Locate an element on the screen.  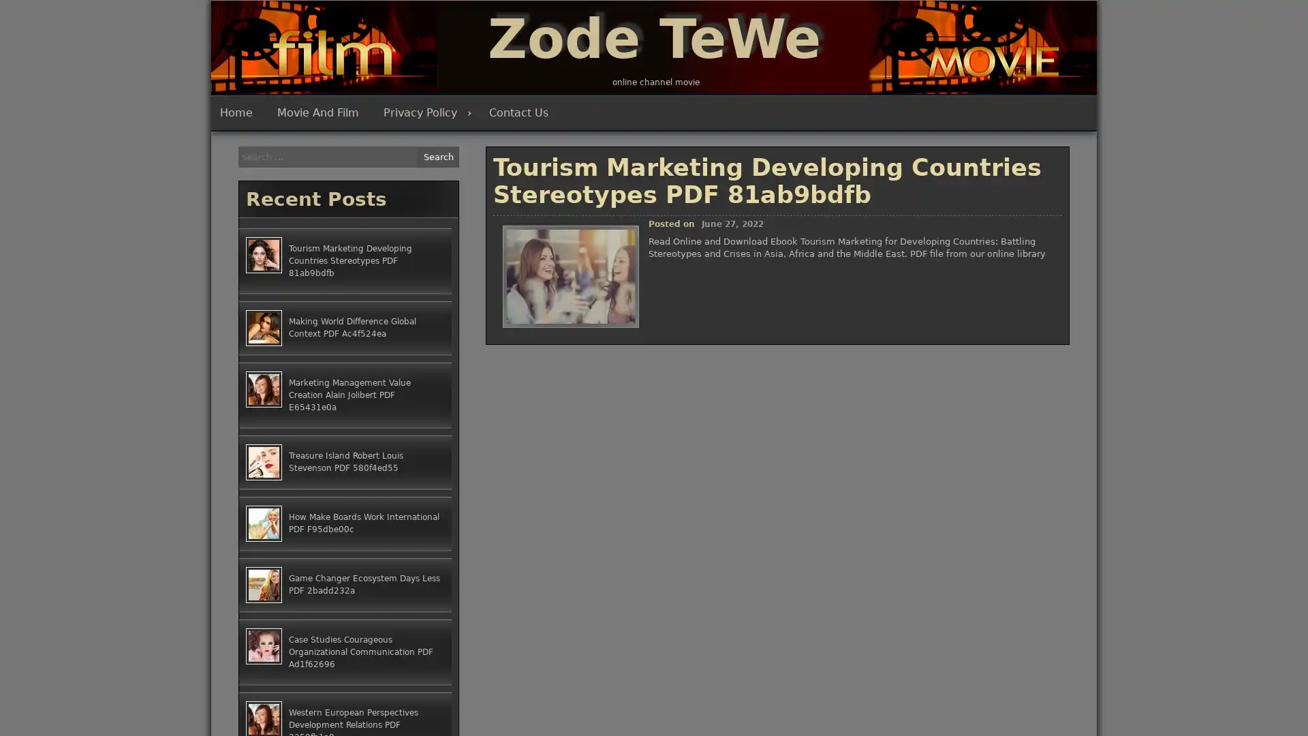
Search is located at coordinates (438, 156).